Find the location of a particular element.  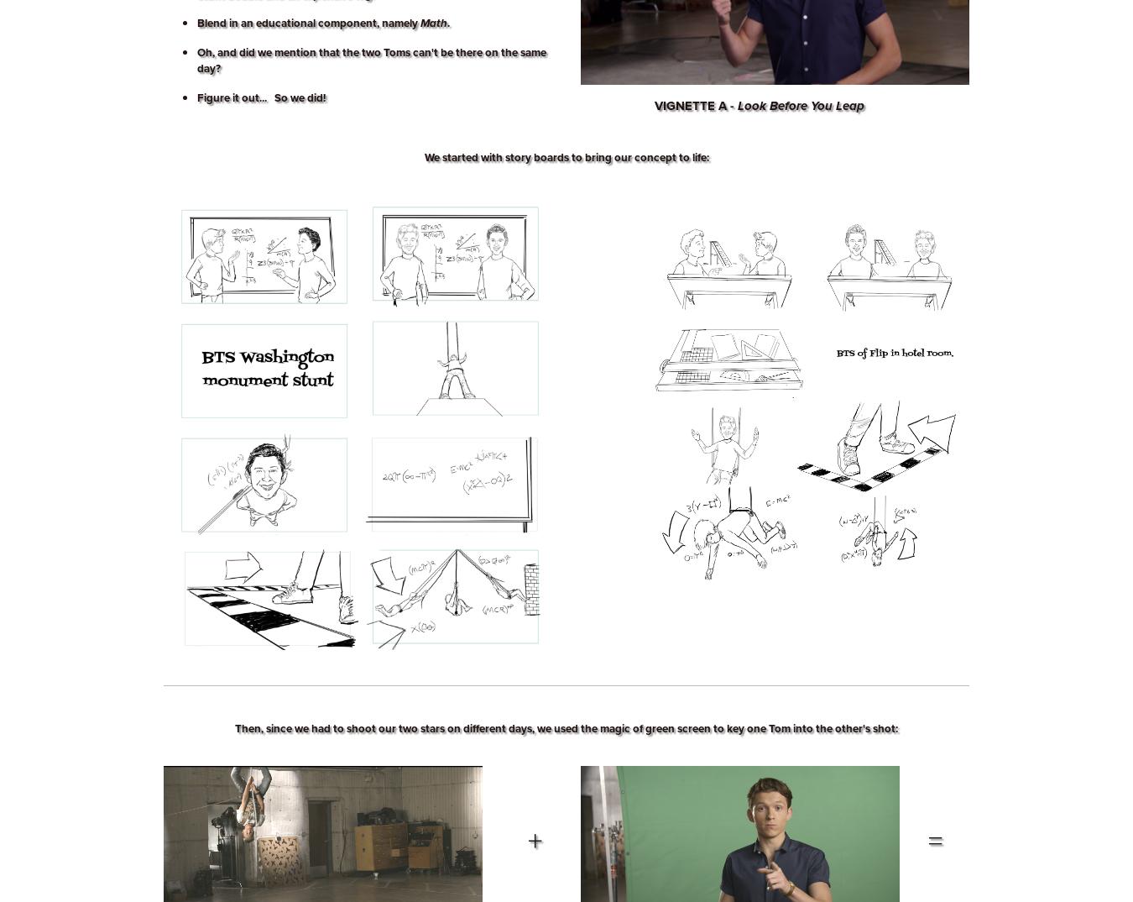

'+' is located at coordinates (510, 839).